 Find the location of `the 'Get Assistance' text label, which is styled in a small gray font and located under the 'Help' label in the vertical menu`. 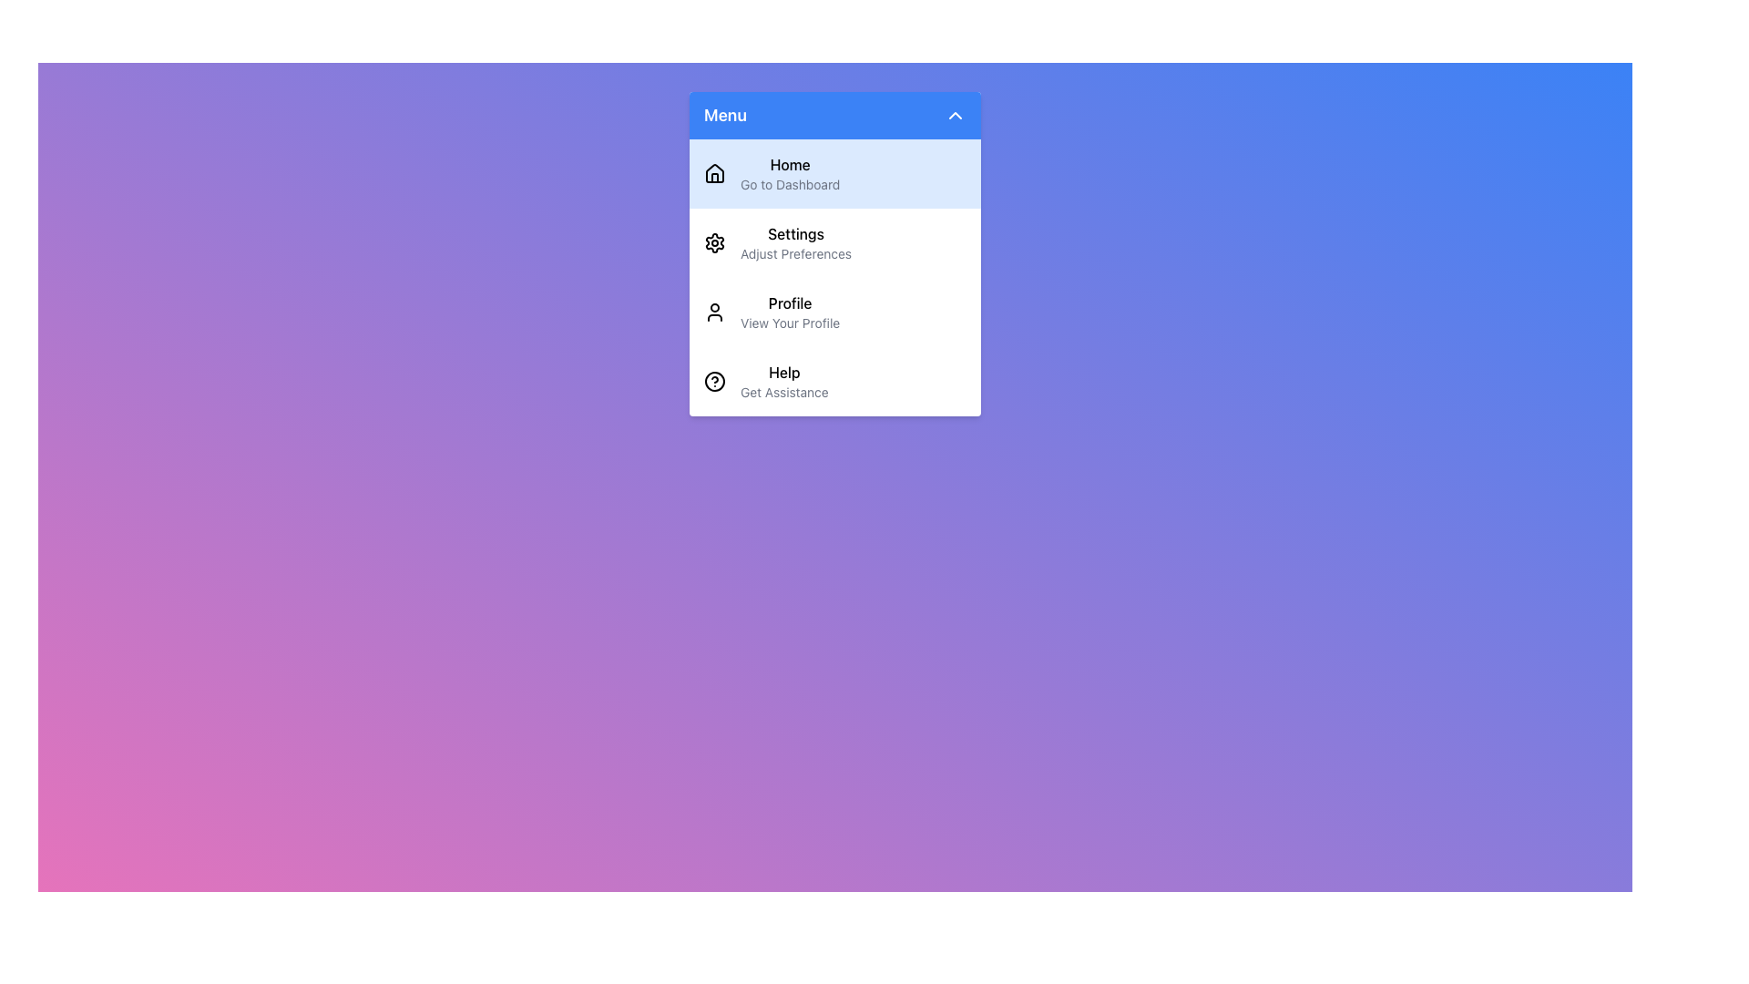

the 'Get Assistance' text label, which is styled in a small gray font and located under the 'Help' label in the vertical menu is located at coordinates (784, 392).